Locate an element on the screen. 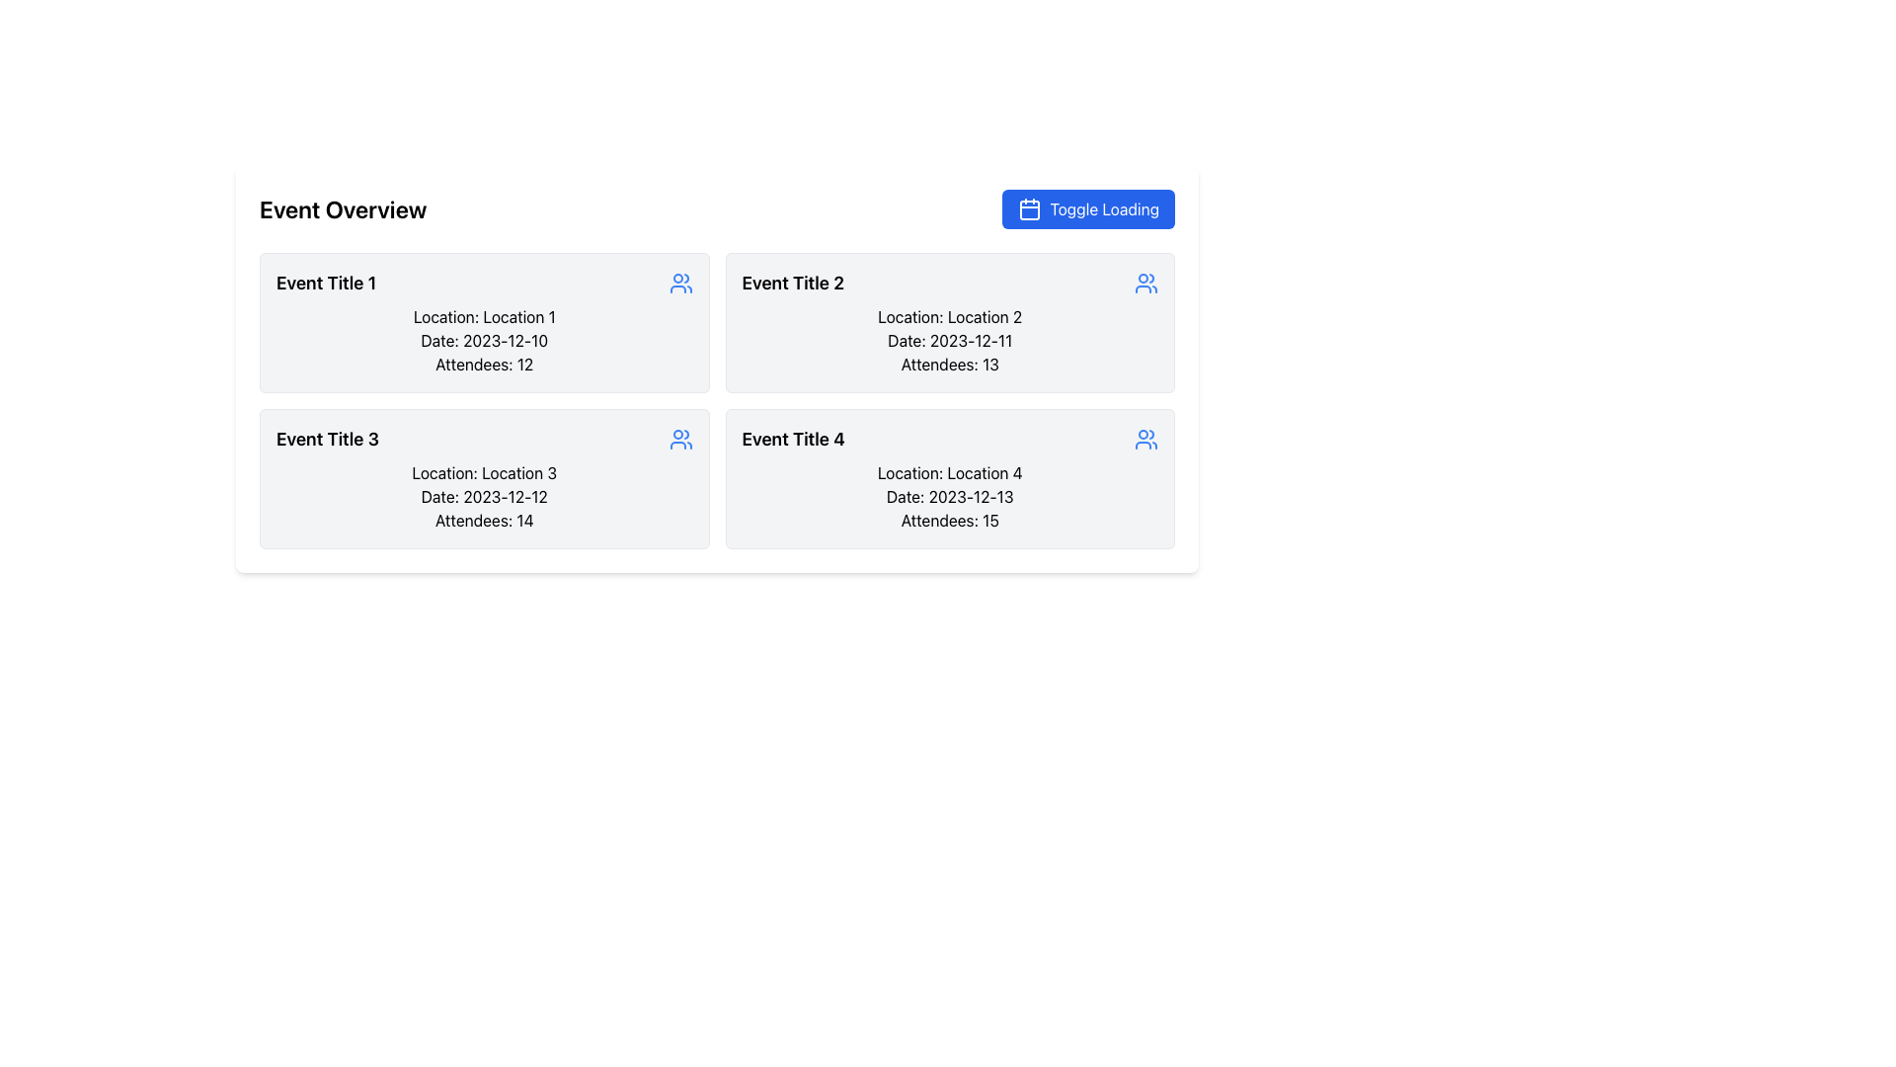 The width and height of the screenshot is (1896, 1067). text label displaying 'Event Title 2', which is a bold and larger font element located in the upper portion of the second column card layout is located at coordinates (793, 283).